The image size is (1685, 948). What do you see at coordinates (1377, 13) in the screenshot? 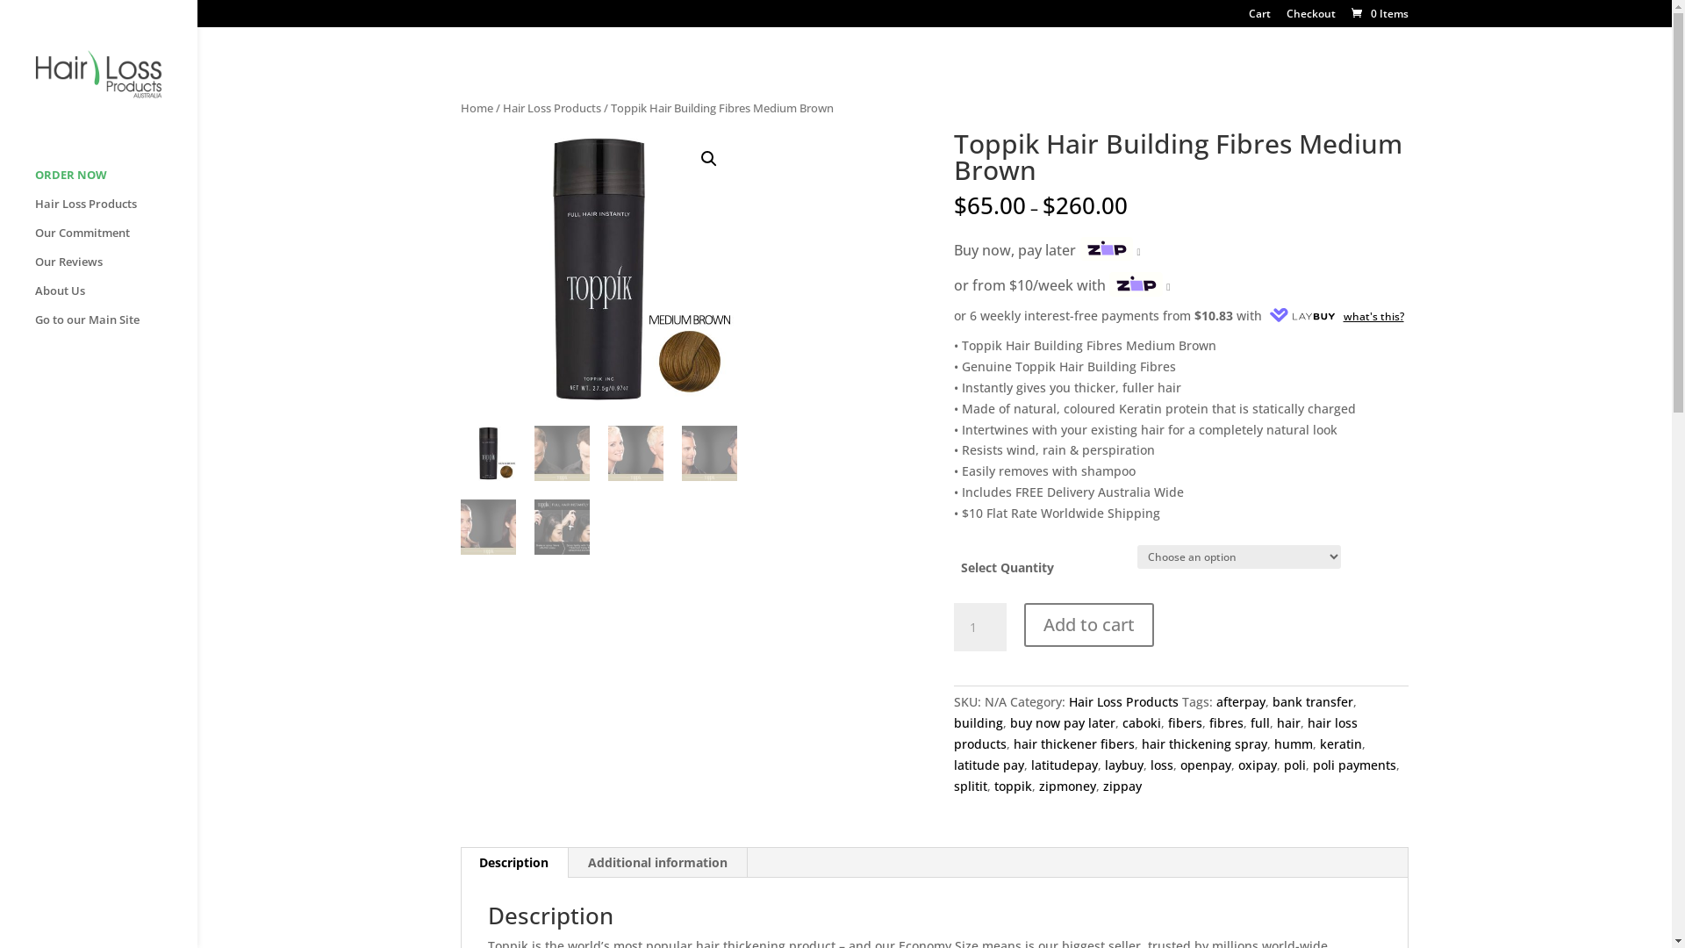
I see `'0 Items'` at bounding box center [1377, 13].